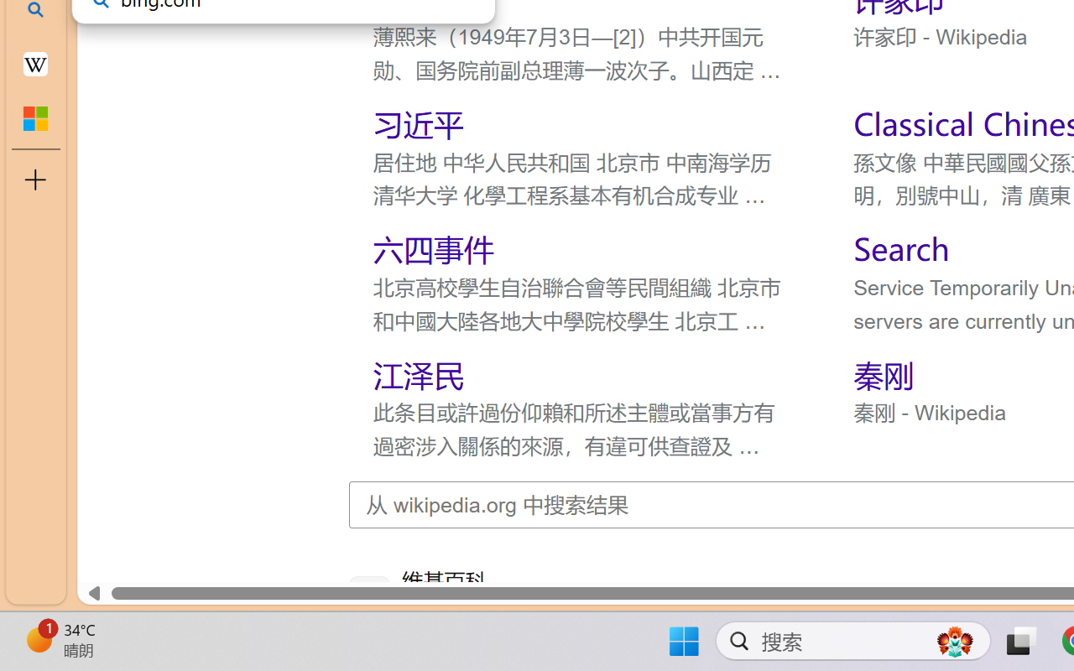 This screenshot has width=1074, height=671. Describe the element at coordinates (899, 248) in the screenshot. I see `'Search'` at that location.